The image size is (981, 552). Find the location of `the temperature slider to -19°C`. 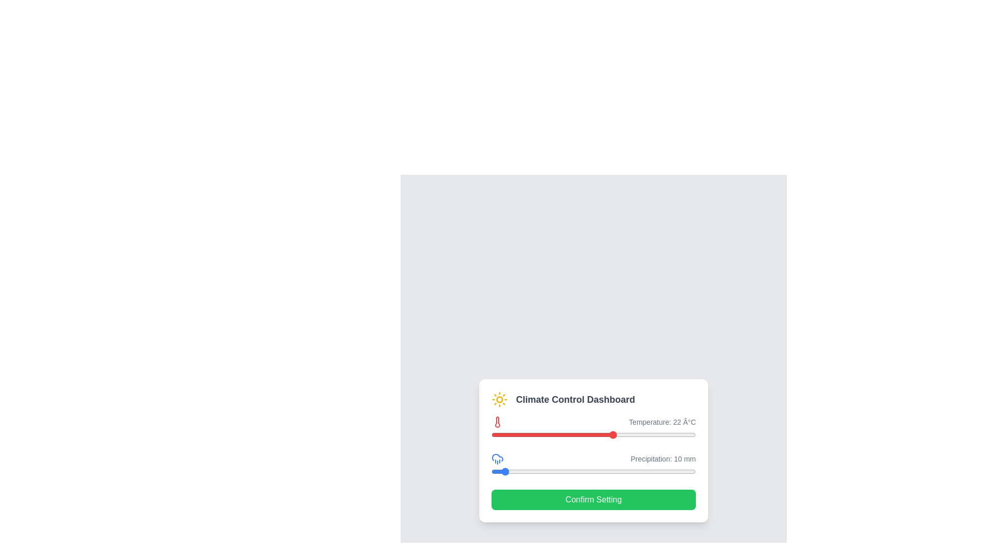

the temperature slider to -19°C is located at coordinates (494, 435).